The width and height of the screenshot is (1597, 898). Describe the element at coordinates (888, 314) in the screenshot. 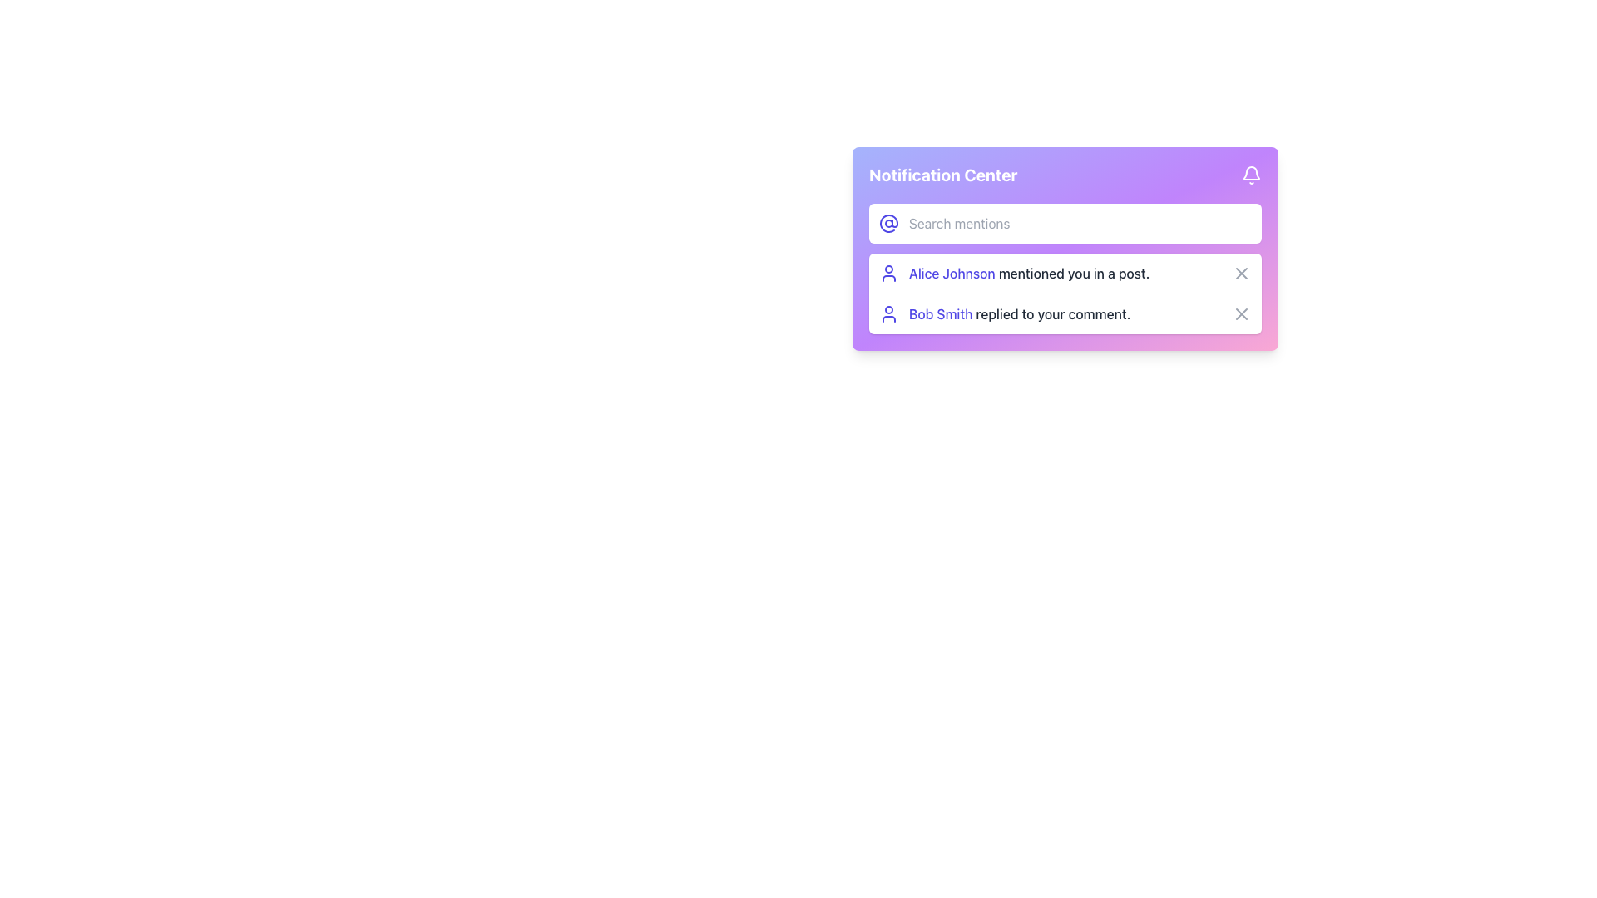

I see `the circular user icon filled with blue-indigo color, located to the left of the text 'Bob Smith replied to your comment.' in the second notification entry` at that location.